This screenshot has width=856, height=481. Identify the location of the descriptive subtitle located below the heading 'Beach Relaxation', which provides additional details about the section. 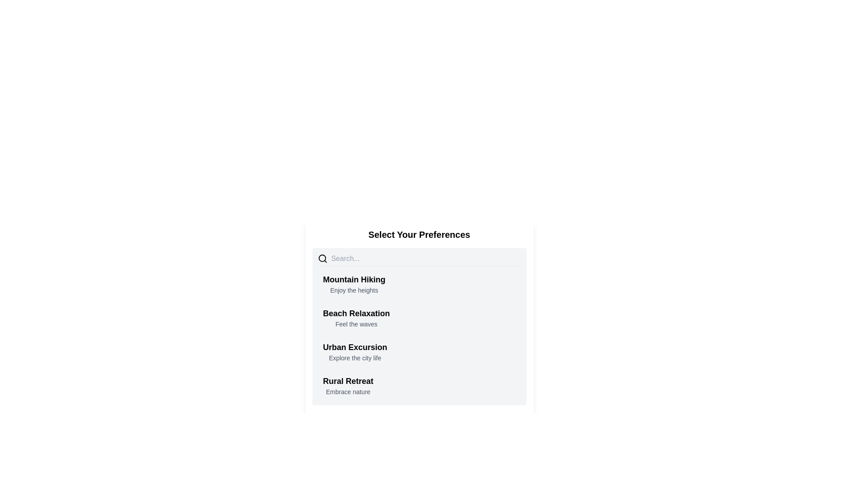
(356, 324).